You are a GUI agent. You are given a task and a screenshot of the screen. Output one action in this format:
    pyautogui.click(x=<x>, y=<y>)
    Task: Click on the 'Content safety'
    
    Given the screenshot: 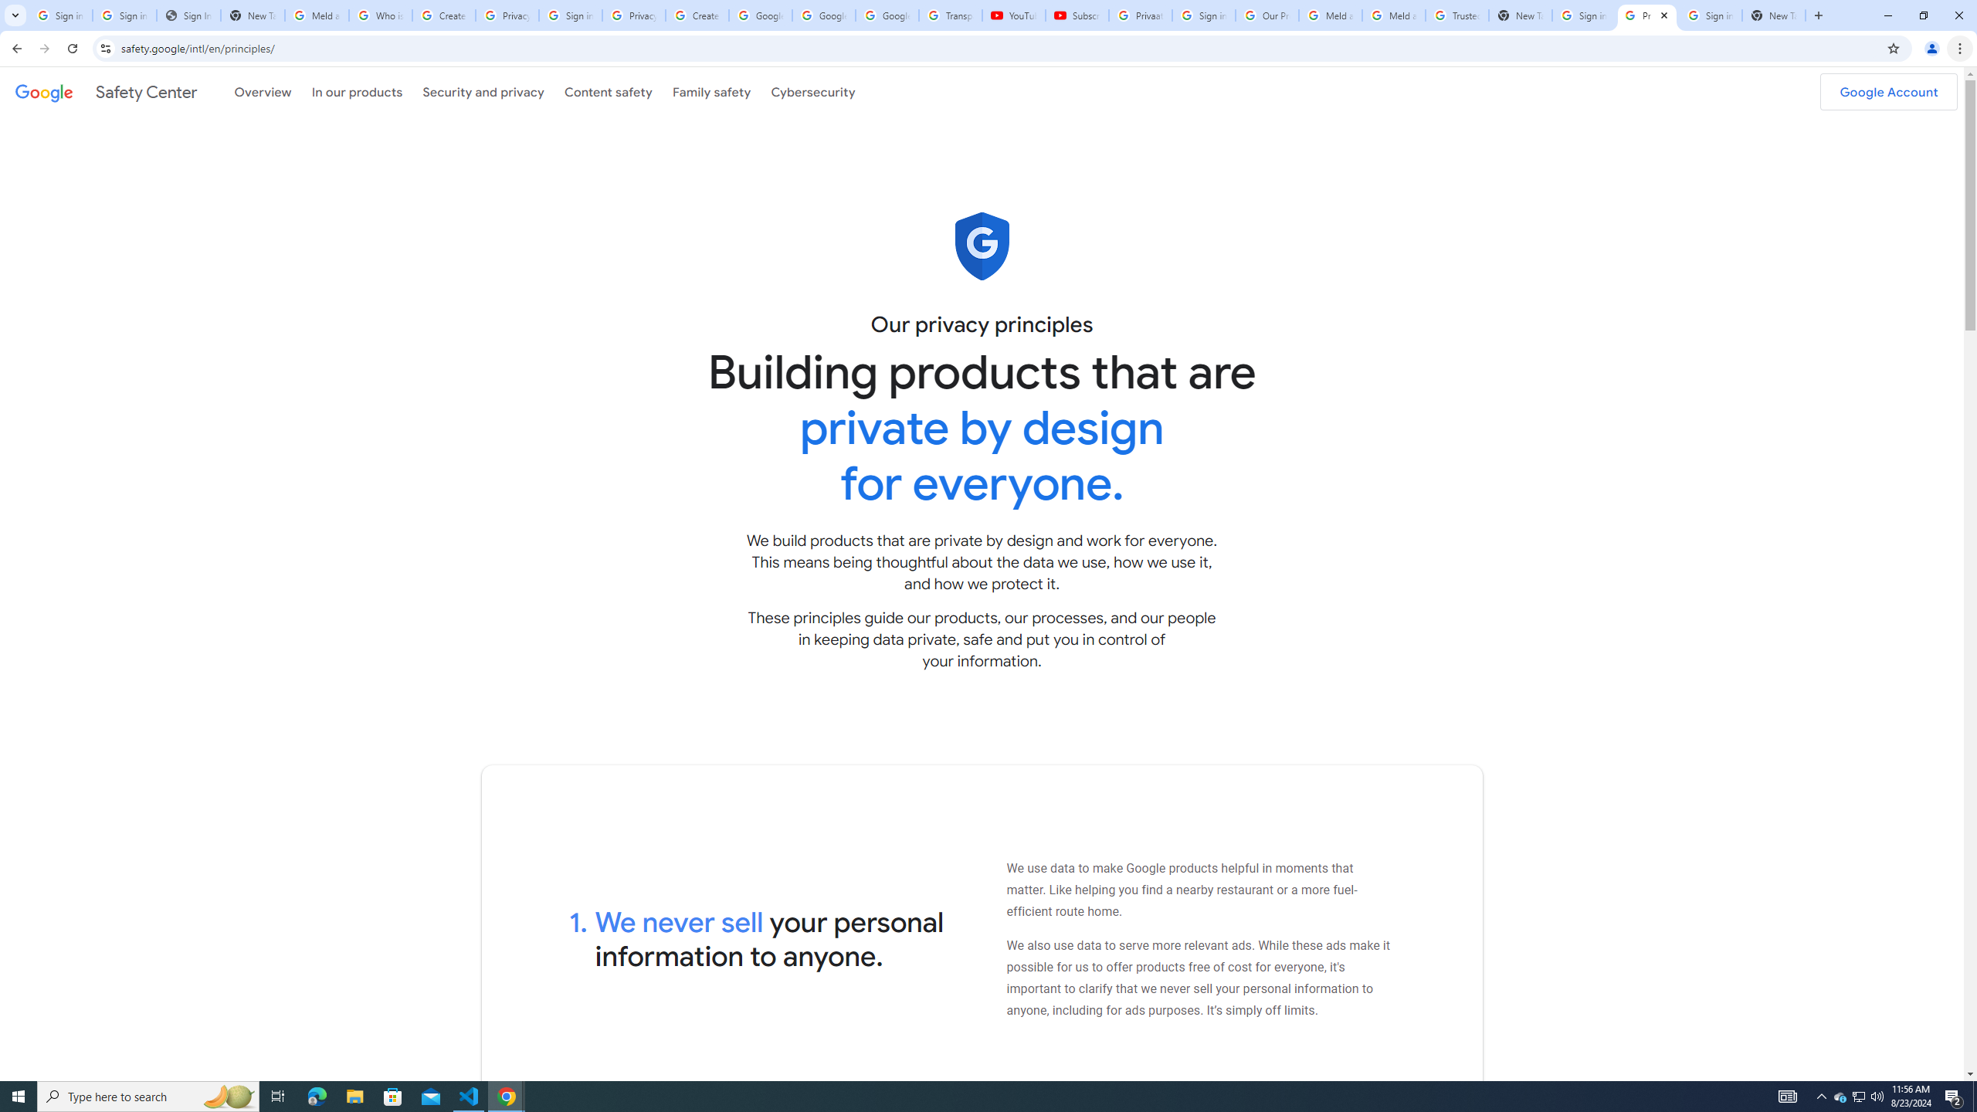 What is the action you would take?
    pyautogui.click(x=607, y=91)
    